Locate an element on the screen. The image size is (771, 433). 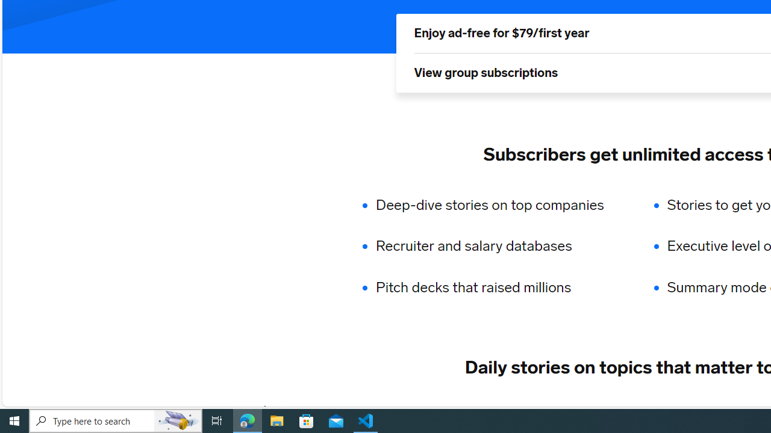
'Pitch decks that raised millions' is located at coordinates (498, 287).